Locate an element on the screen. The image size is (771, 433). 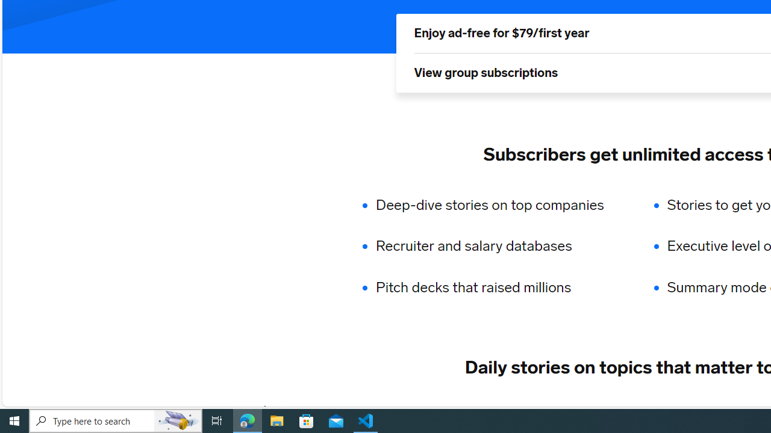
'Pitch decks that raised millions' is located at coordinates (498, 287).